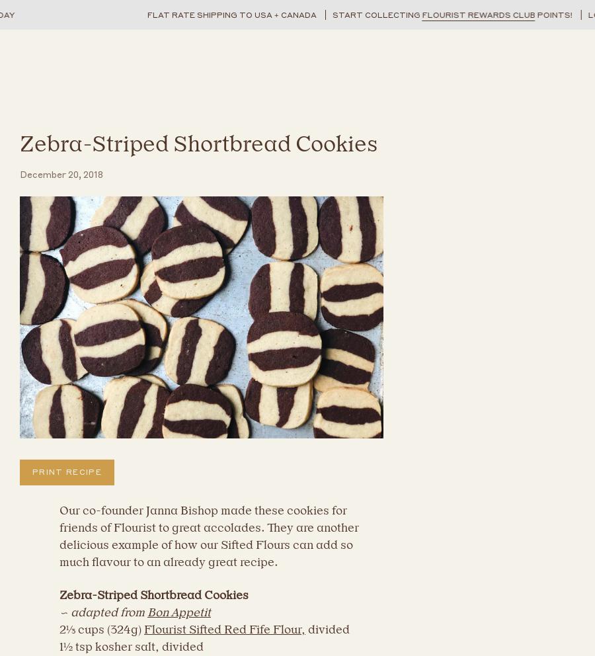 This screenshot has width=595, height=656. Describe the element at coordinates (41, 427) in the screenshot. I see `'Name'` at that location.